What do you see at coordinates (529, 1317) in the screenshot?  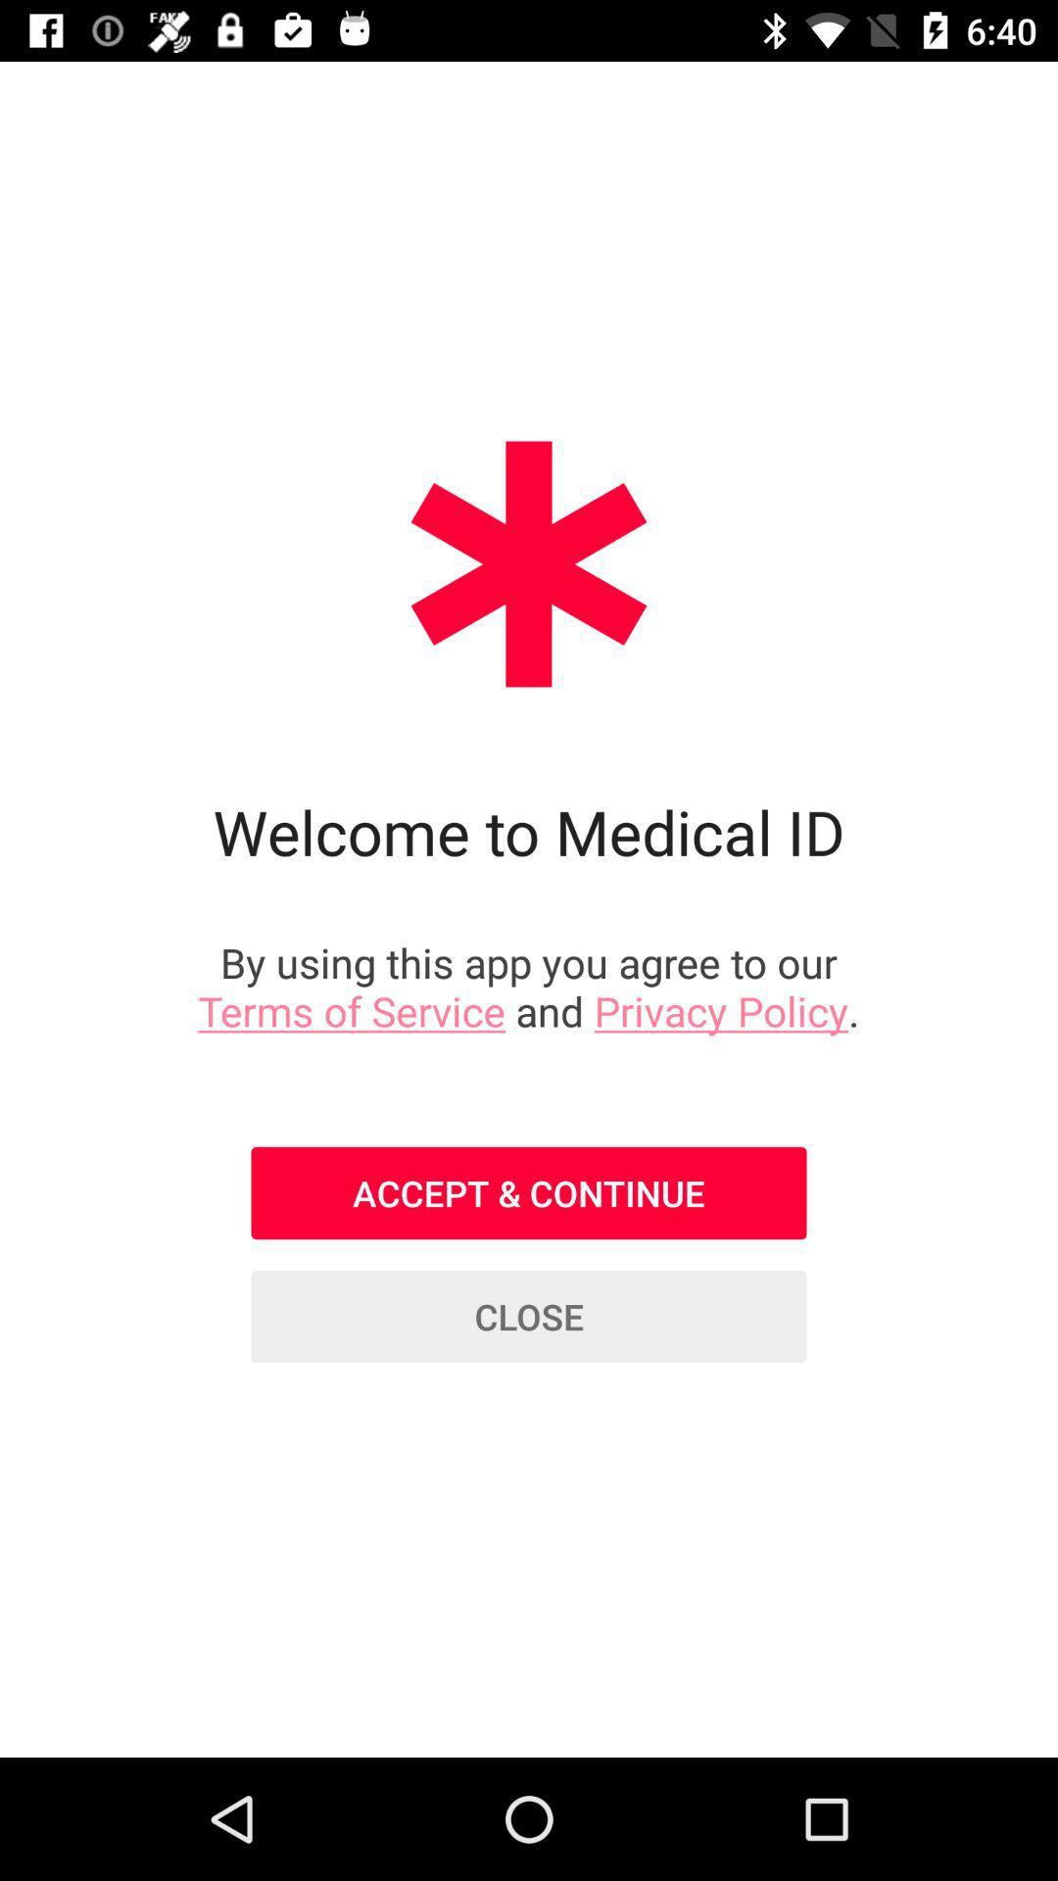 I see `close icon` at bounding box center [529, 1317].